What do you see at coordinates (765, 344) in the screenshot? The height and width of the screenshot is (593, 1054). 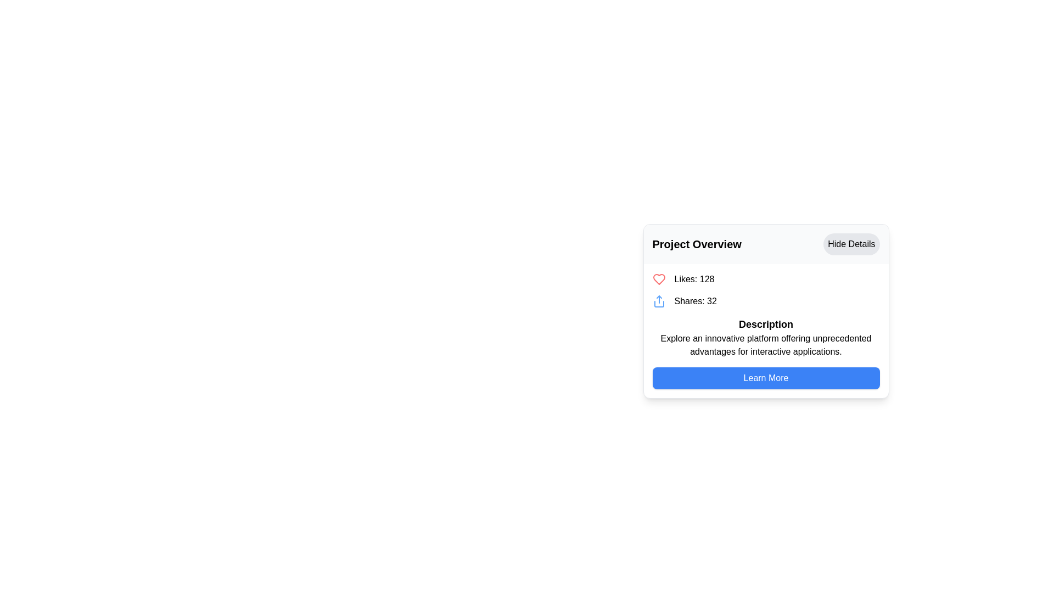 I see `text content of the Text Block located under the 'Description' heading and above the 'Learn More' button in the lower right section of the card interface` at bounding box center [765, 344].